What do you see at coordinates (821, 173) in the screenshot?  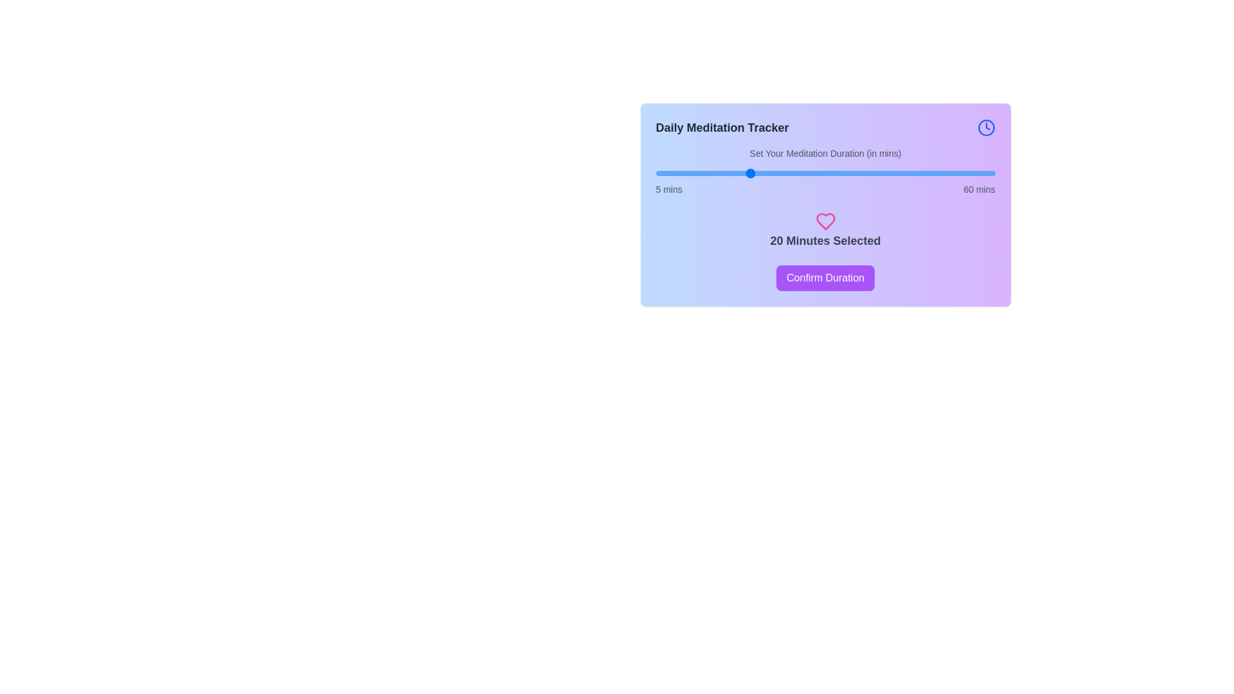 I see `the meditation duration to 32 minutes using the slider` at bounding box center [821, 173].